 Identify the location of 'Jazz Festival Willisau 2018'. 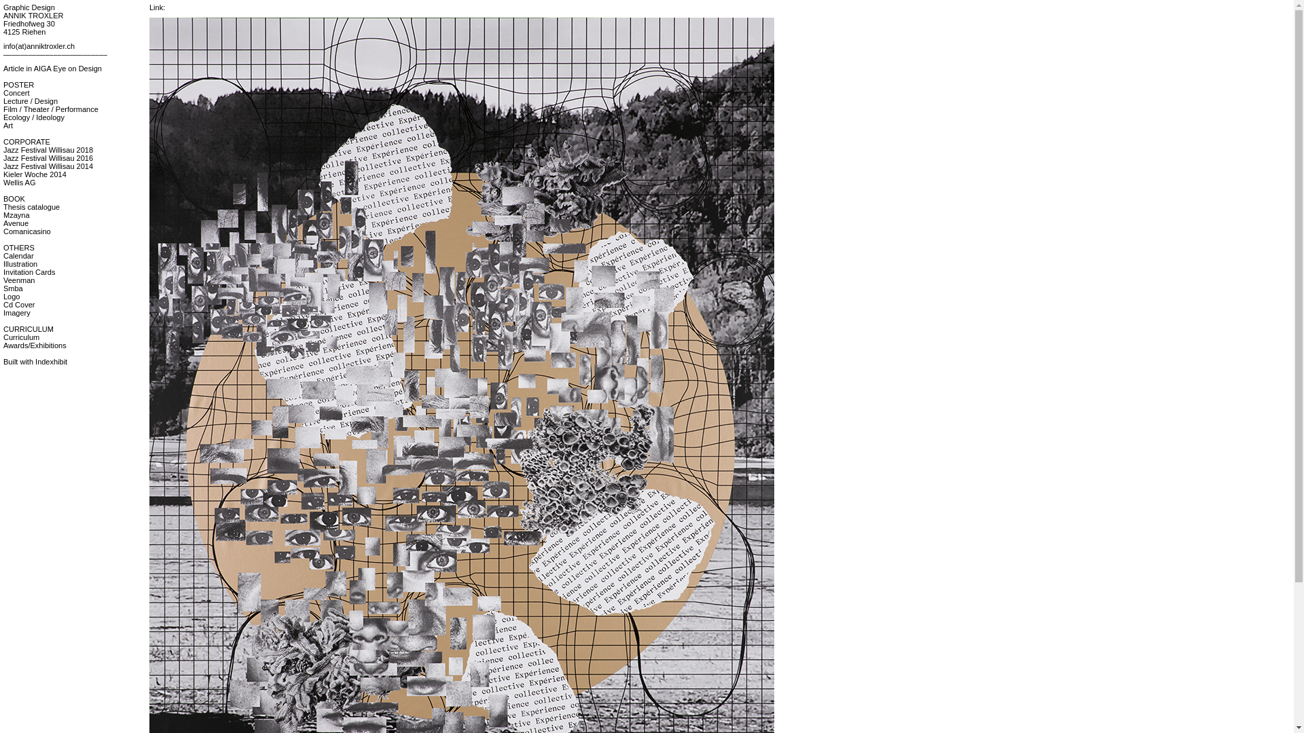
(48, 149).